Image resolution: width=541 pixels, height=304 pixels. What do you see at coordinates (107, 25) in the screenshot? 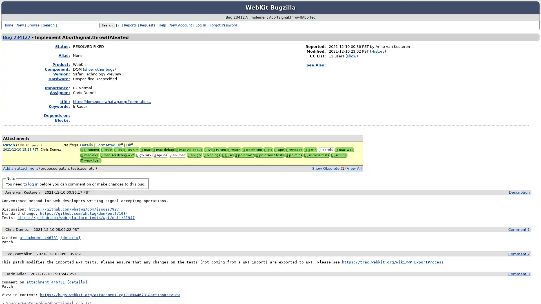
I see `Search` at bounding box center [107, 25].